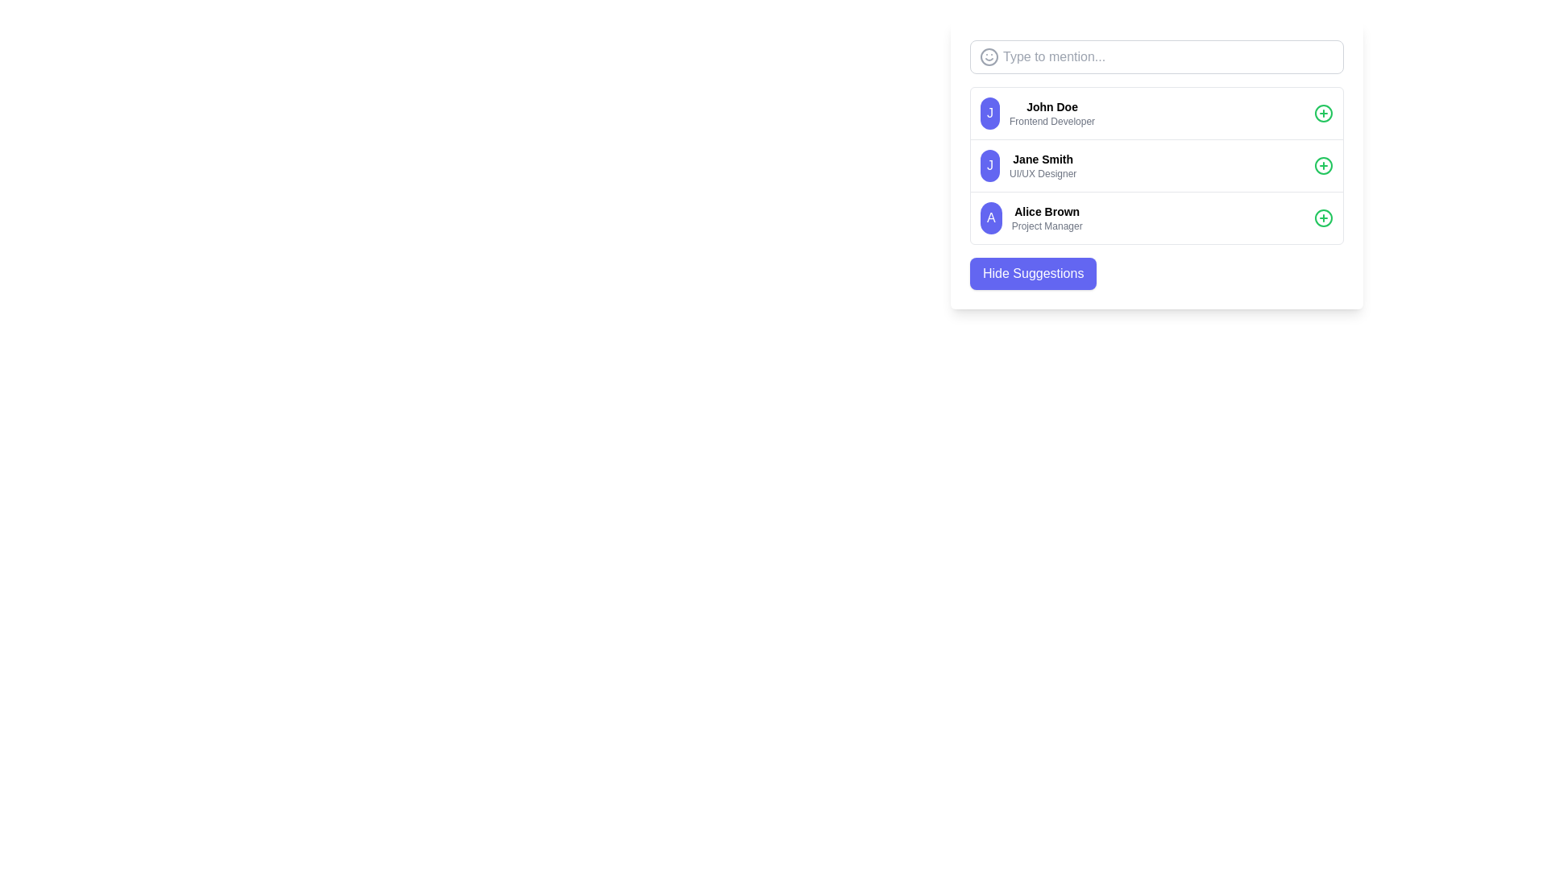  Describe the element at coordinates (1047, 217) in the screenshot. I see `the third user card in the dropdown suggestion list displaying the name and role of a user` at that location.